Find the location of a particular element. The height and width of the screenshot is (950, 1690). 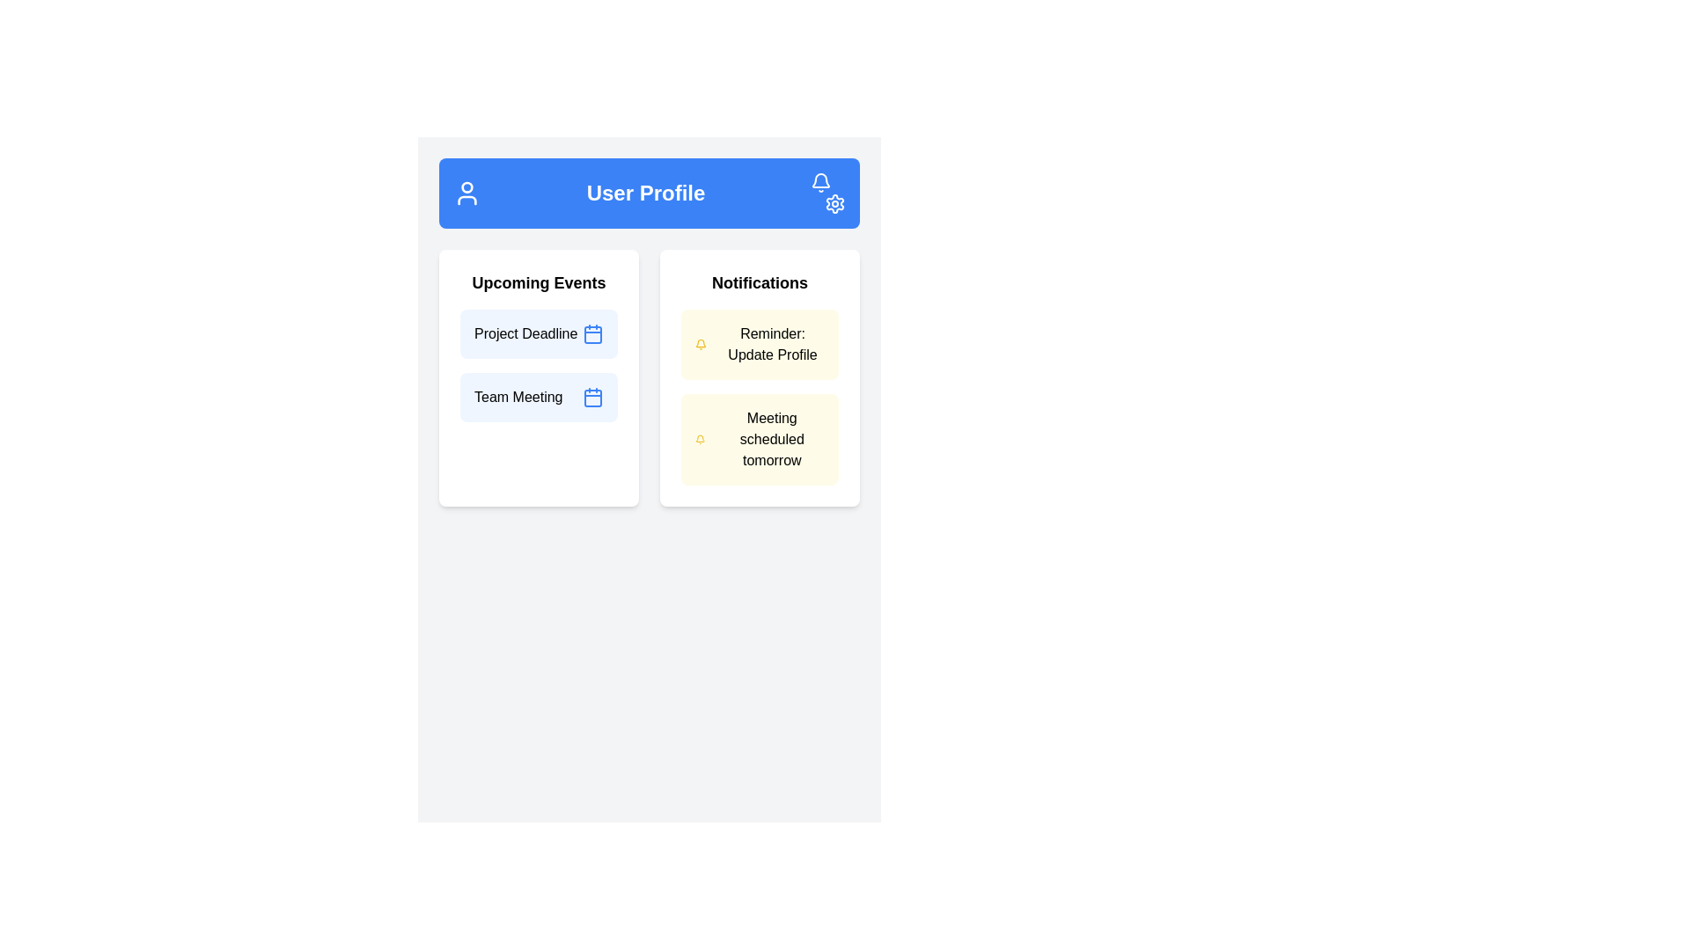

the Notification card displaying 'Meeting scheduled tomorrow' with a light yellow background, located below the 'Reminder: Update Profile' notification in the Notifications panel is located at coordinates (760, 397).